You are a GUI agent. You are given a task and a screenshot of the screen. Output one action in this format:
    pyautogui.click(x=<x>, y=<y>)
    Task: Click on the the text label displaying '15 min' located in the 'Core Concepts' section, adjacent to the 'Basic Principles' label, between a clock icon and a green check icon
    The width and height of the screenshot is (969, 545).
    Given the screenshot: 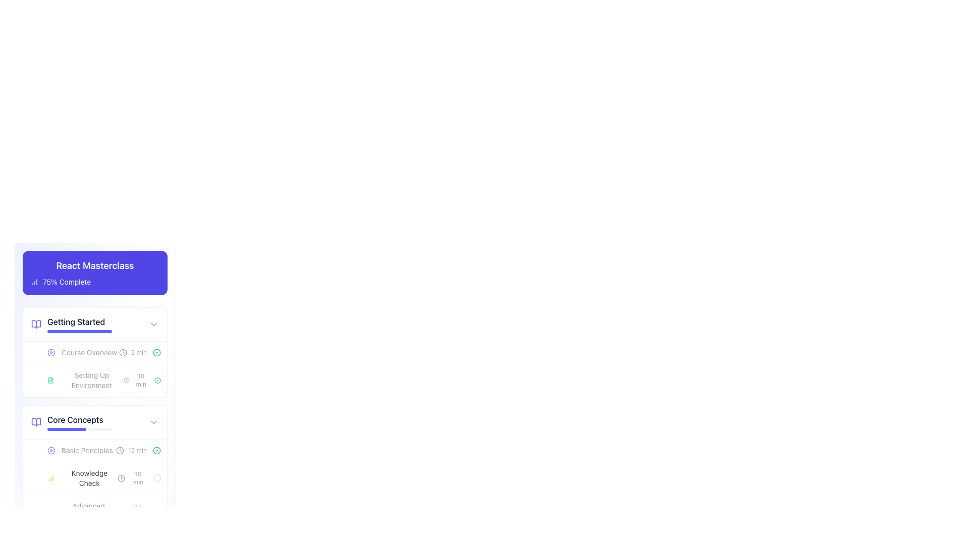 What is the action you would take?
    pyautogui.click(x=138, y=450)
    